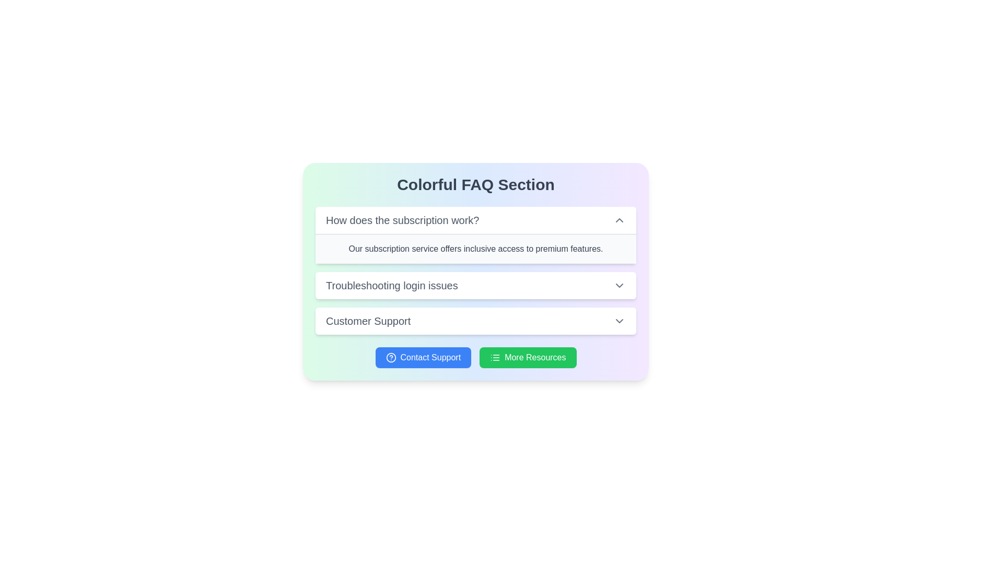 The width and height of the screenshot is (1003, 564). Describe the element at coordinates (619, 286) in the screenshot. I see `the chevron-down icon located at the rightmost section of the row containing the text 'Troubleshooting login issues'` at that location.